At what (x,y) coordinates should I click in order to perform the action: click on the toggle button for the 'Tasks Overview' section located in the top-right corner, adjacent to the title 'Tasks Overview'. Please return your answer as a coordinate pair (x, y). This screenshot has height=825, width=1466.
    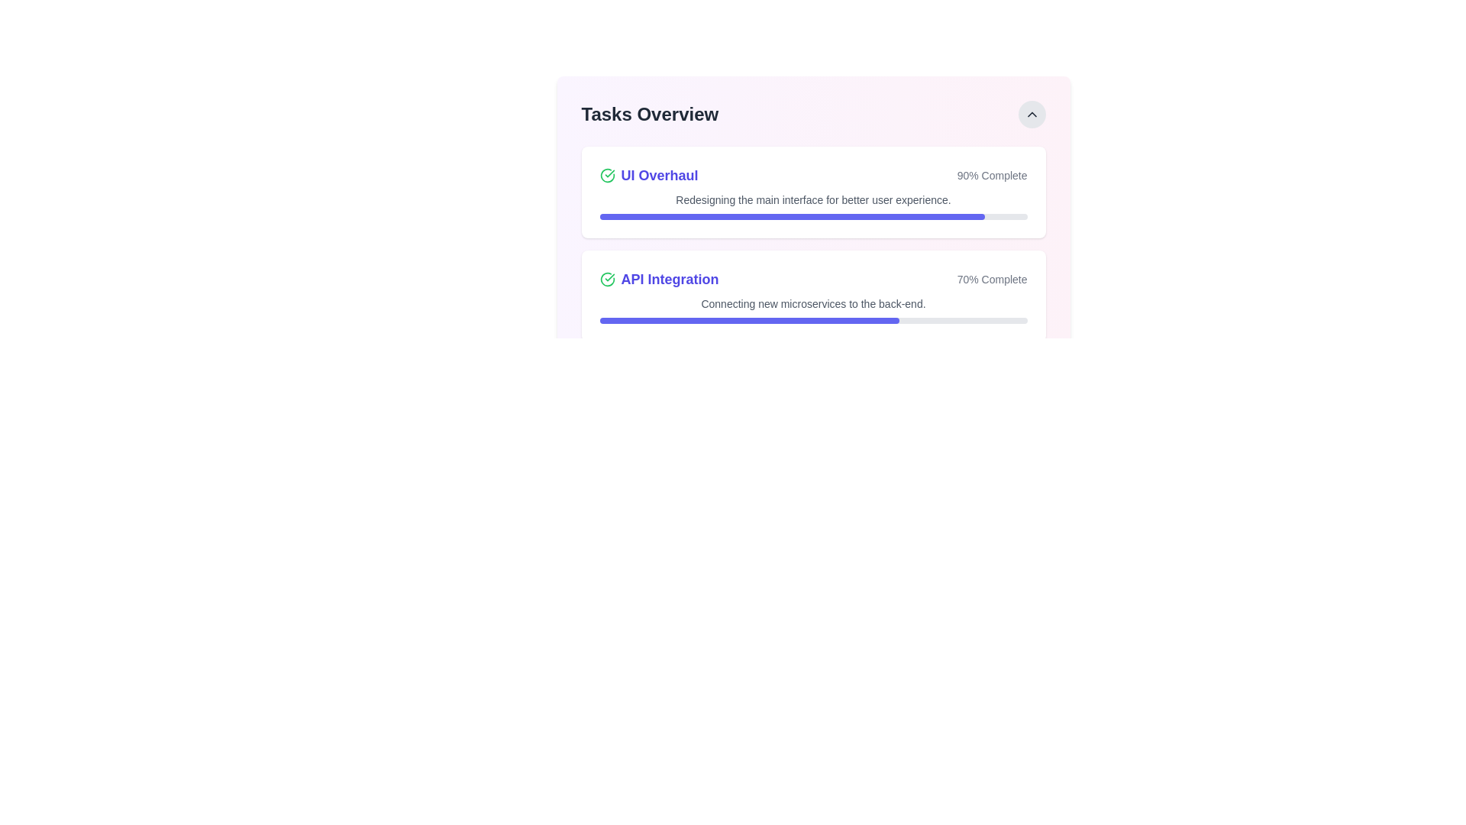
    Looking at the image, I should click on (1032, 114).